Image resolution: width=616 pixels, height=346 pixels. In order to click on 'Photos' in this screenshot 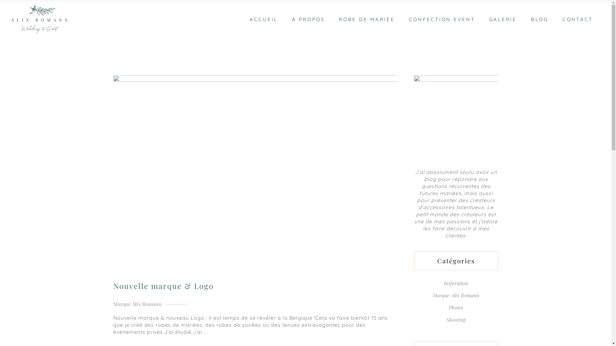, I will do `click(456, 307)`.